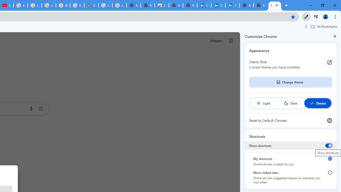 The image size is (341, 192). I want to click on 'Control your music, videos, and more', so click(316, 16).